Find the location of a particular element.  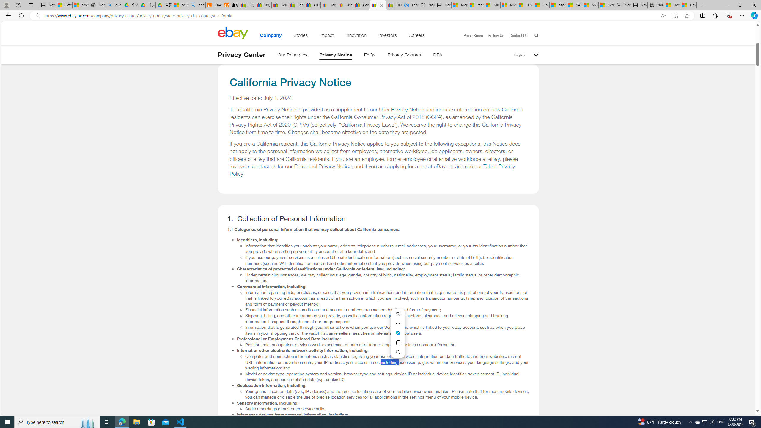

'User Privacy Notice | eBay' is located at coordinates (345, 5).